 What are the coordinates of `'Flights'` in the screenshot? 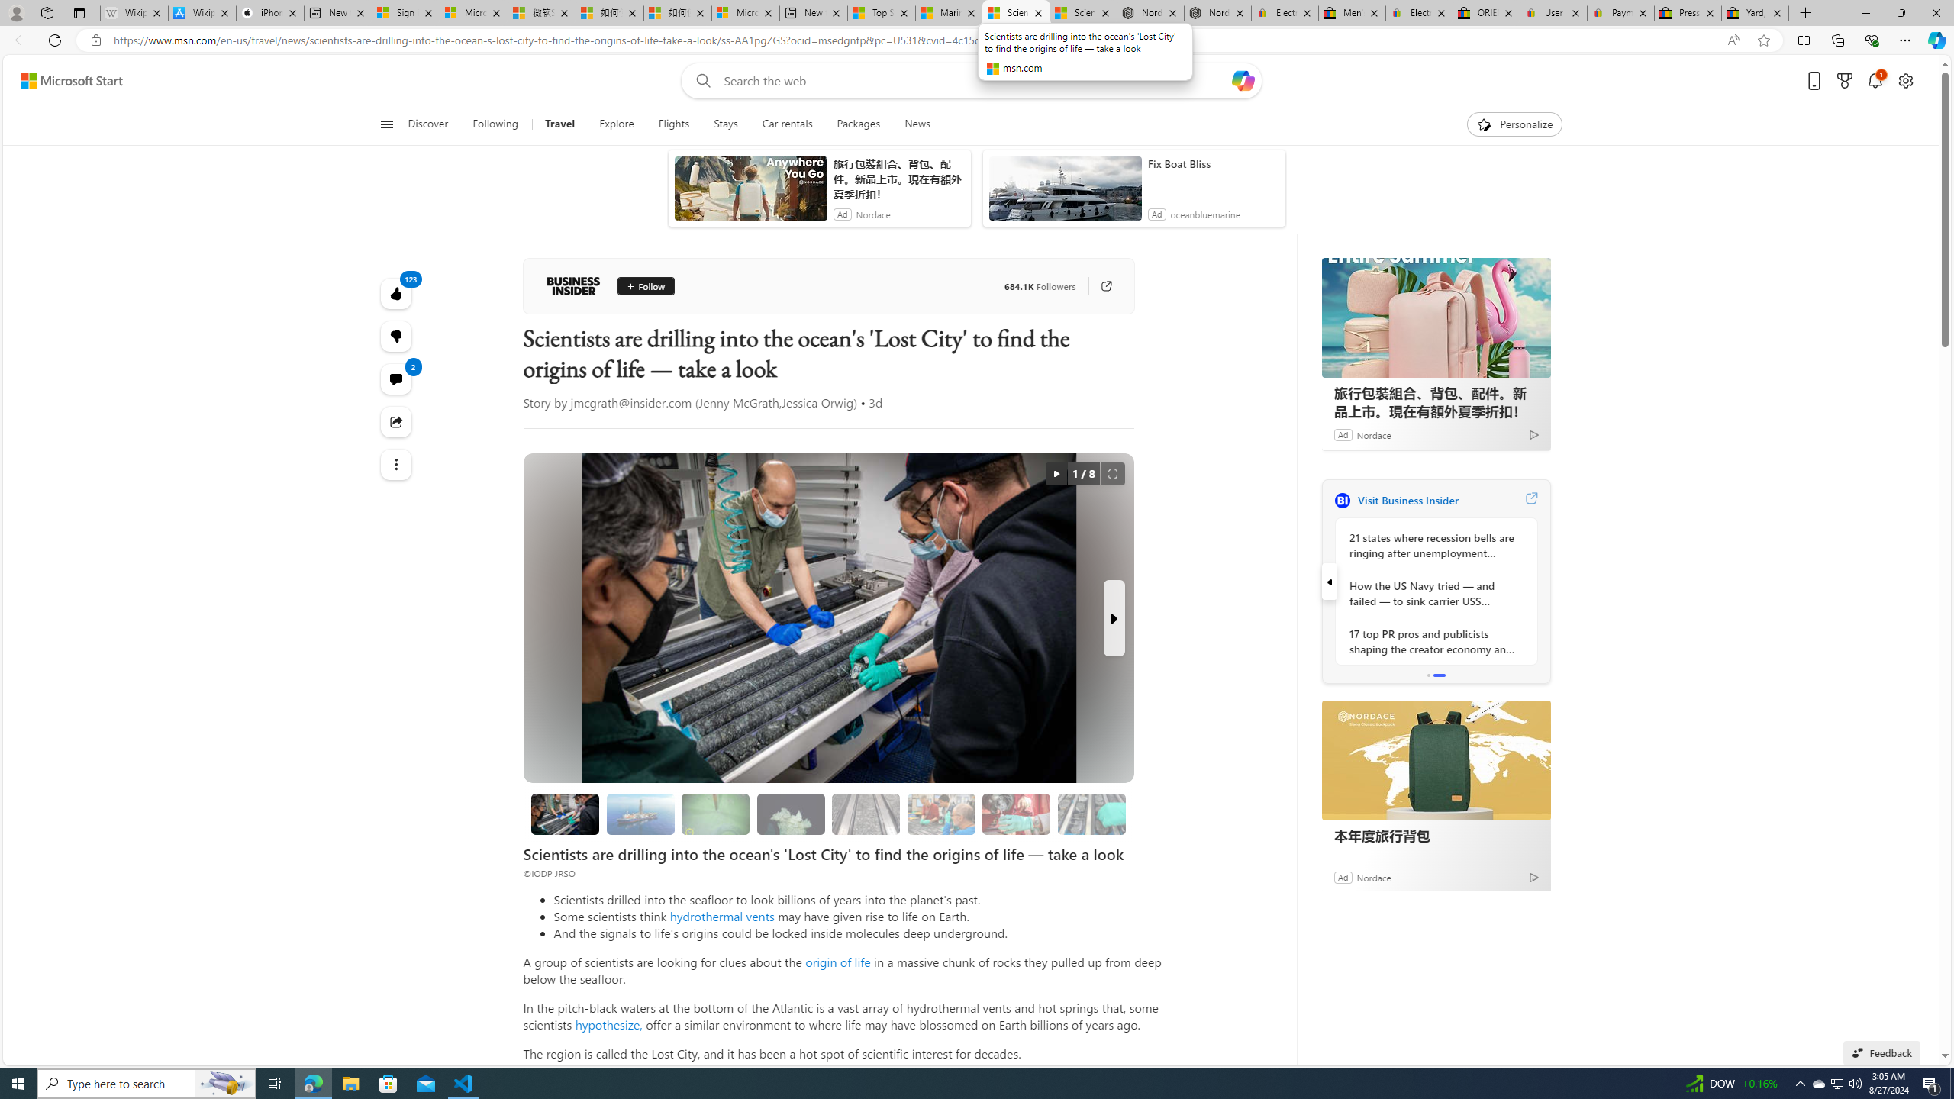 It's located at (673, 124).